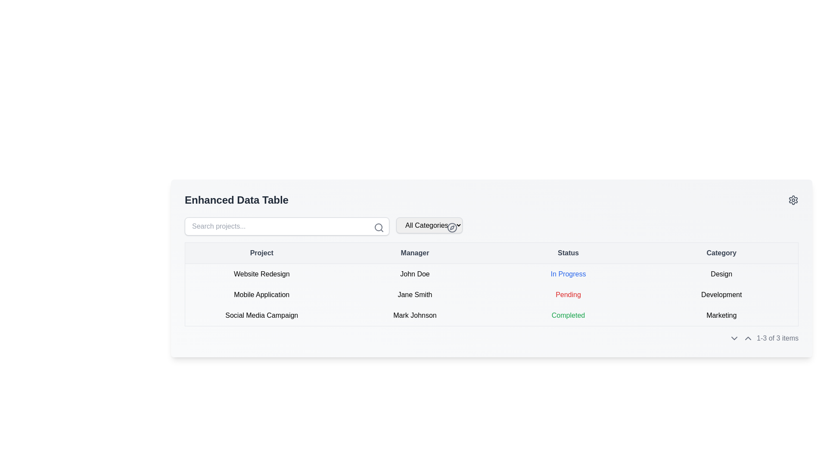 The image size is (827, 465). What do you see at coordinates (568, 294) in the screenshot?
I see `the 'Pending' text label in red color, located in the second row of the 'Status' column for the 'Mobile Application' project managed by Jane Smith` at bounding box center [568, 294].